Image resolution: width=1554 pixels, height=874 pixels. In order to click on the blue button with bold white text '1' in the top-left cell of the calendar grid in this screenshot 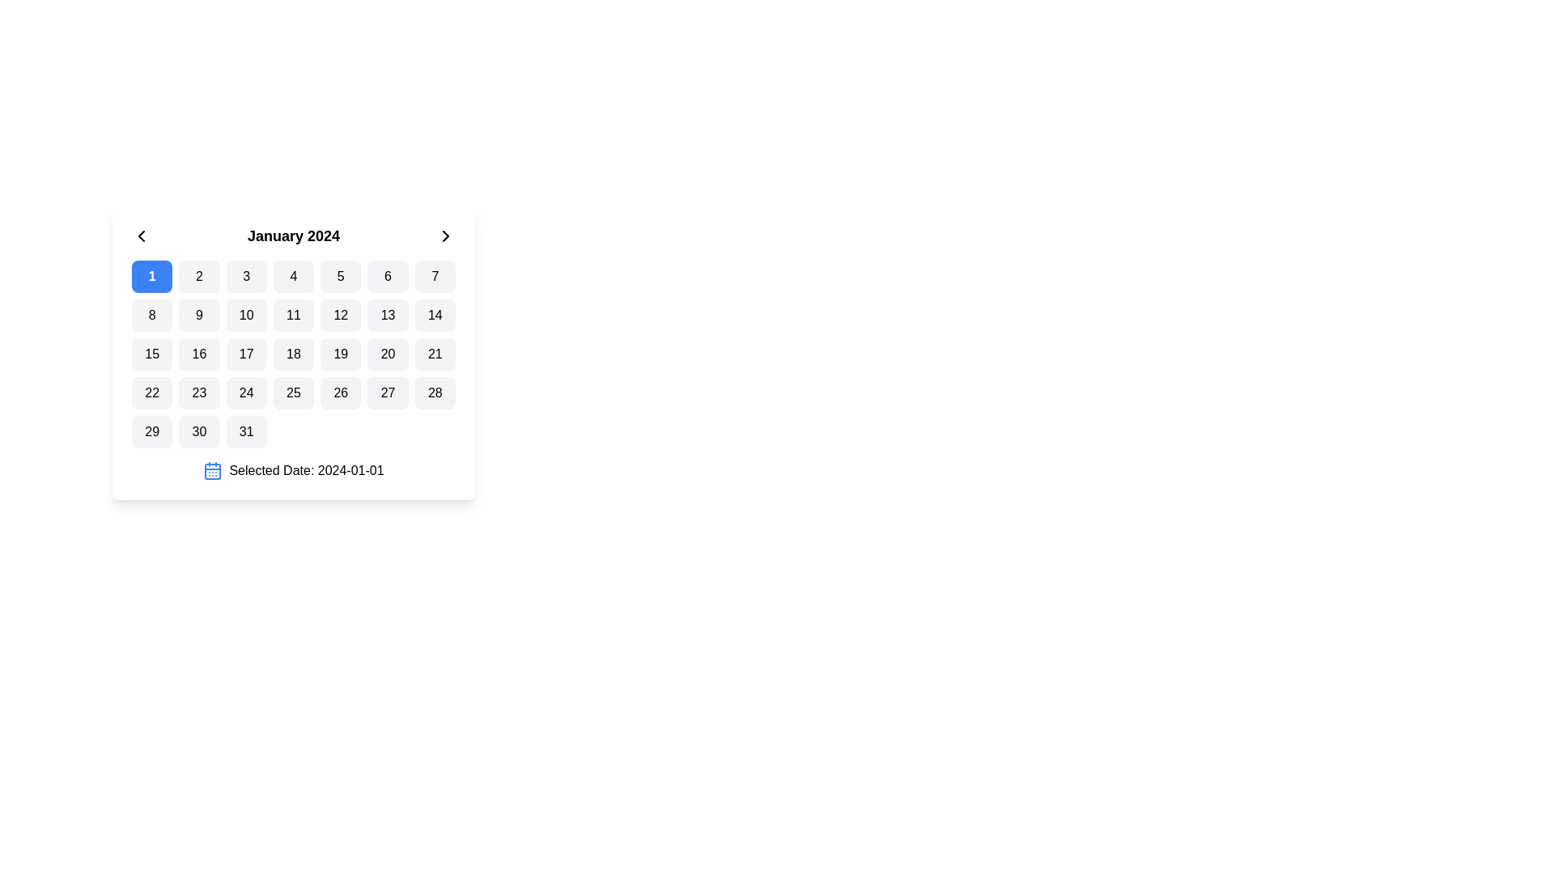, I will do `click(151, 276)`.